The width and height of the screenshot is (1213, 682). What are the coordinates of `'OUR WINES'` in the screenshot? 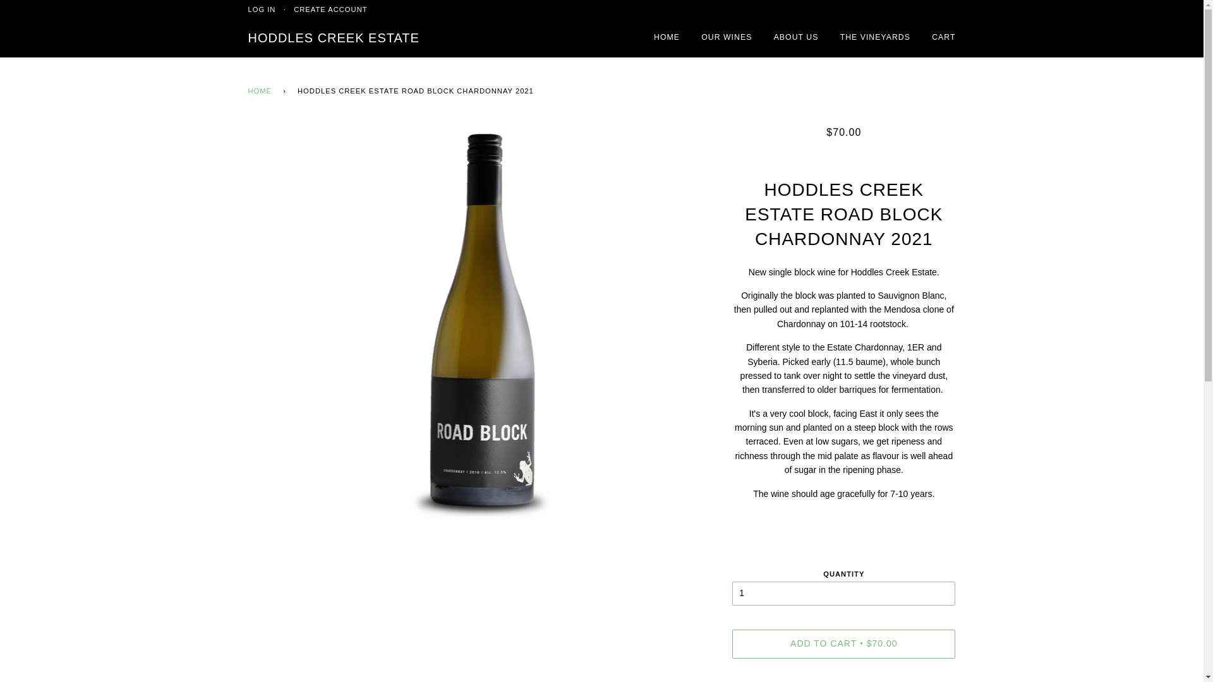 It's located at (727, 37).